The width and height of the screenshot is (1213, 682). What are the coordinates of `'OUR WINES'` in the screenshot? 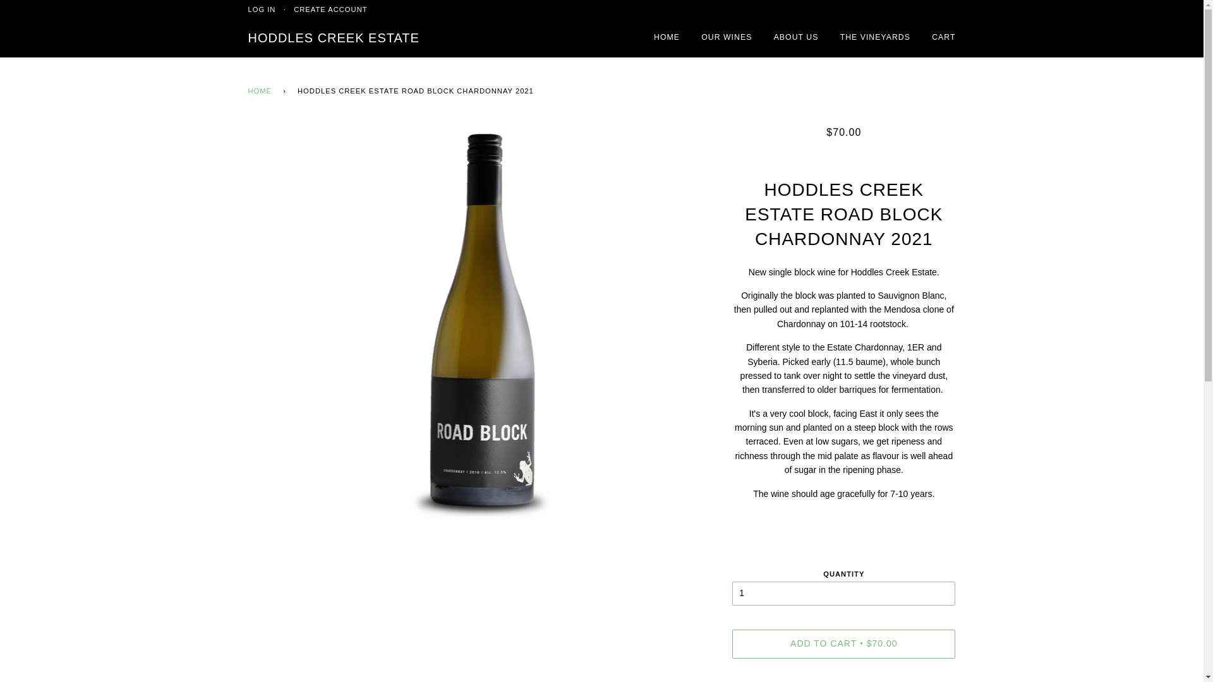 It's located at (727, 37).